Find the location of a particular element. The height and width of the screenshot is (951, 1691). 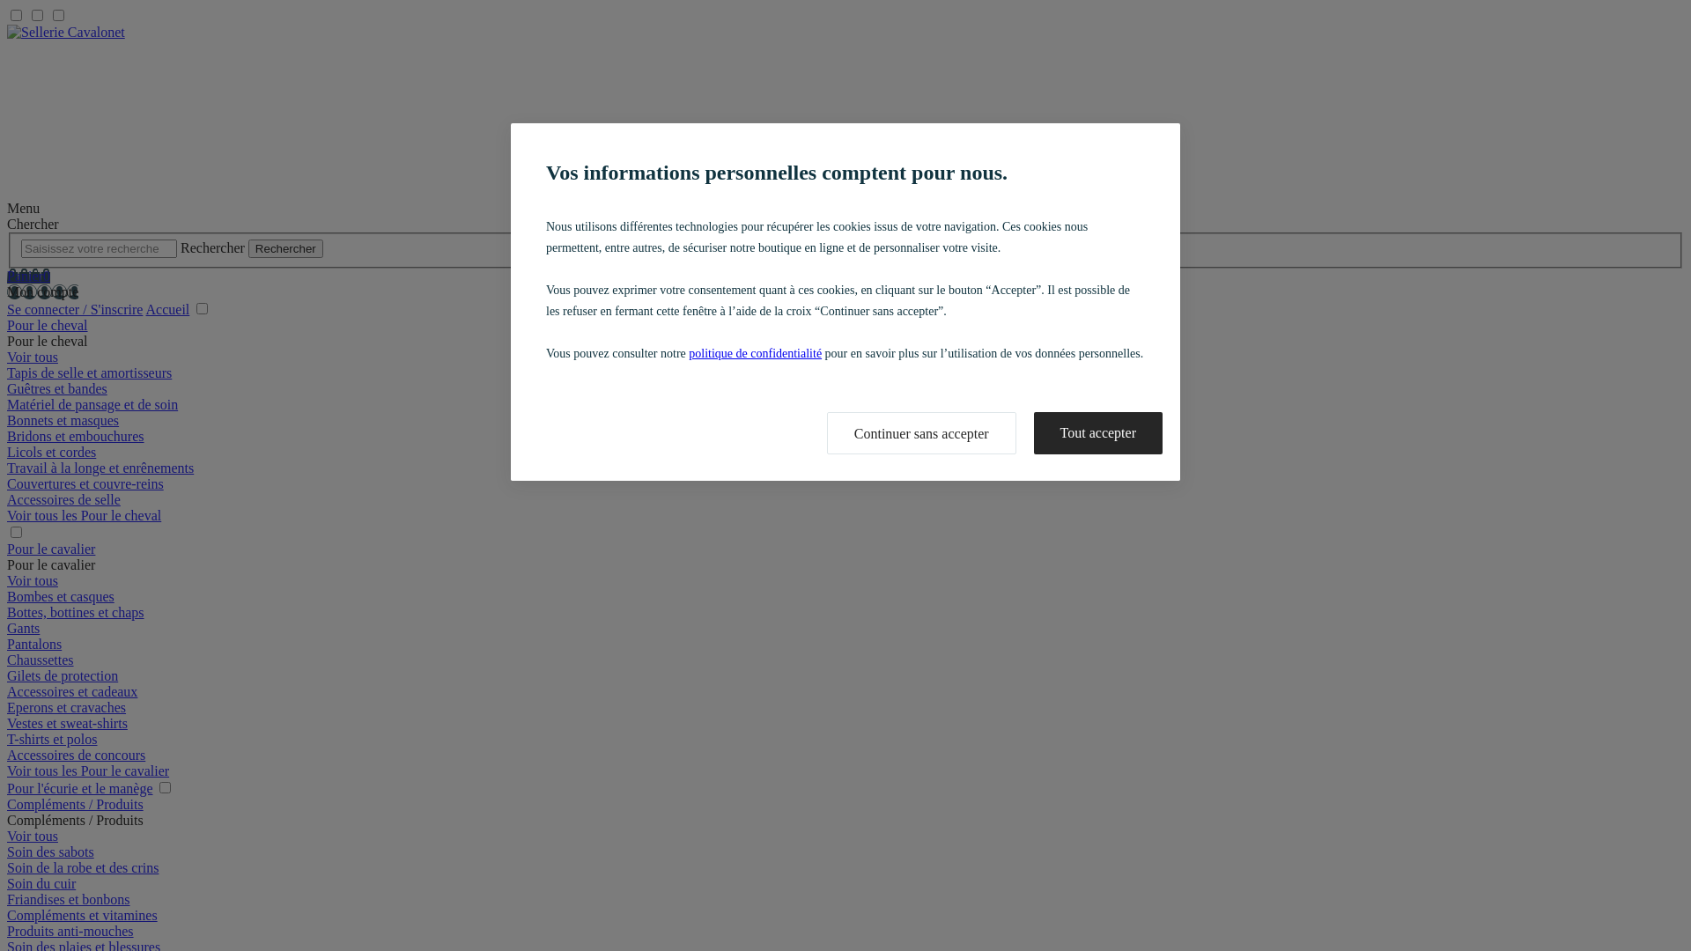

'Bombes et casques' is located at coordinates (60, 595).